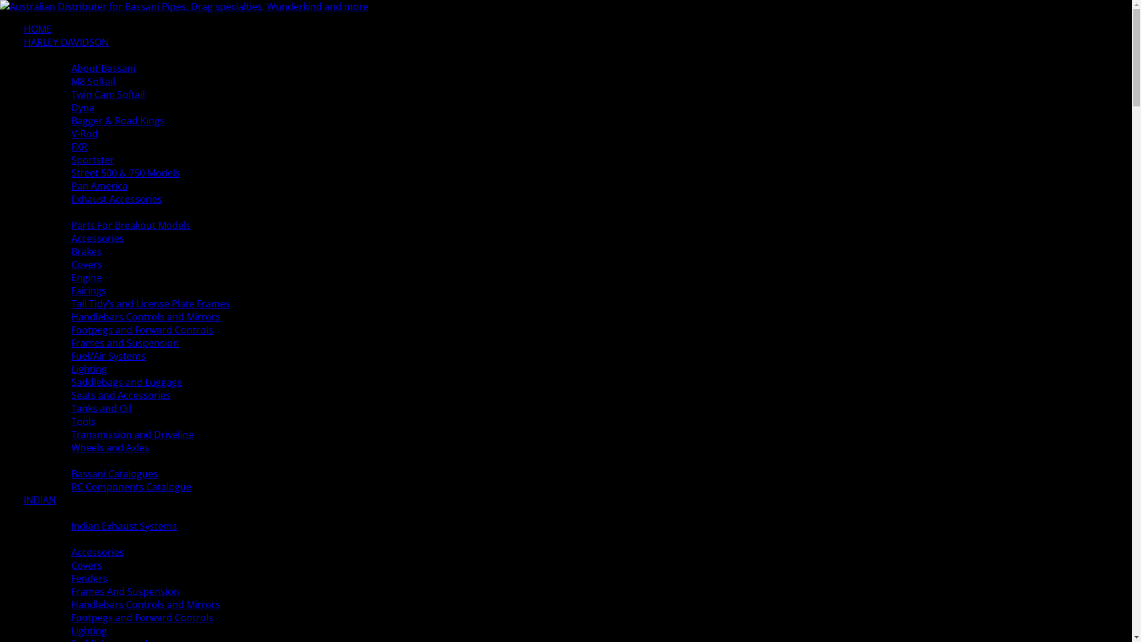 The width and height of the screenshot is (1141, 642). What do you see at coordinates (142, 330) in the screenshot?
I see `'Footpegs and Forward Controls'` at bounding box center [142, 330].